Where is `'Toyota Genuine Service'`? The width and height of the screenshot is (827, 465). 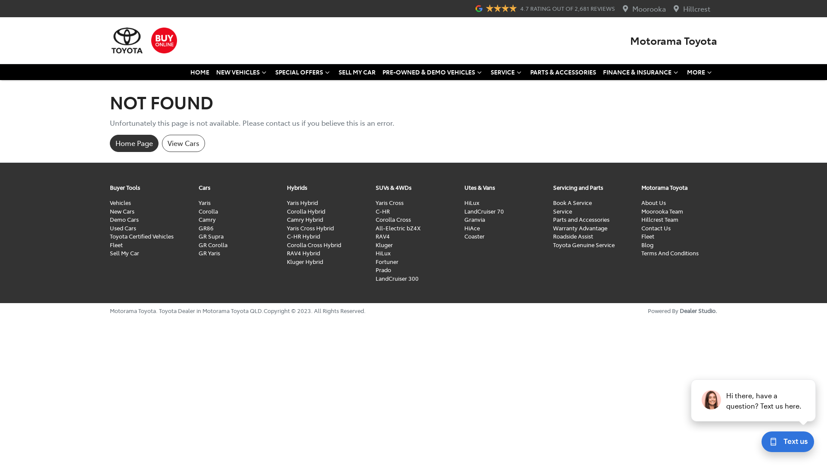
'Toyota Genuine Service' is located at coordinates (584, 245).